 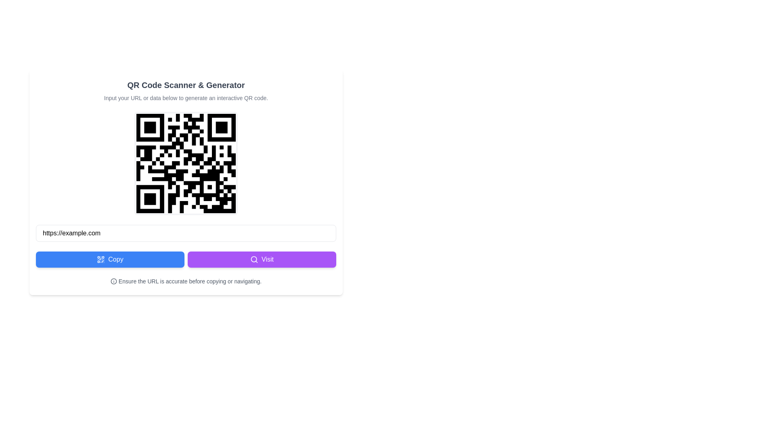 I want to click on instructional text block located underneath the main heading 'QR Code Scanner & Generator', positioned centrally above the QR code area, so click(x=185, y=98).